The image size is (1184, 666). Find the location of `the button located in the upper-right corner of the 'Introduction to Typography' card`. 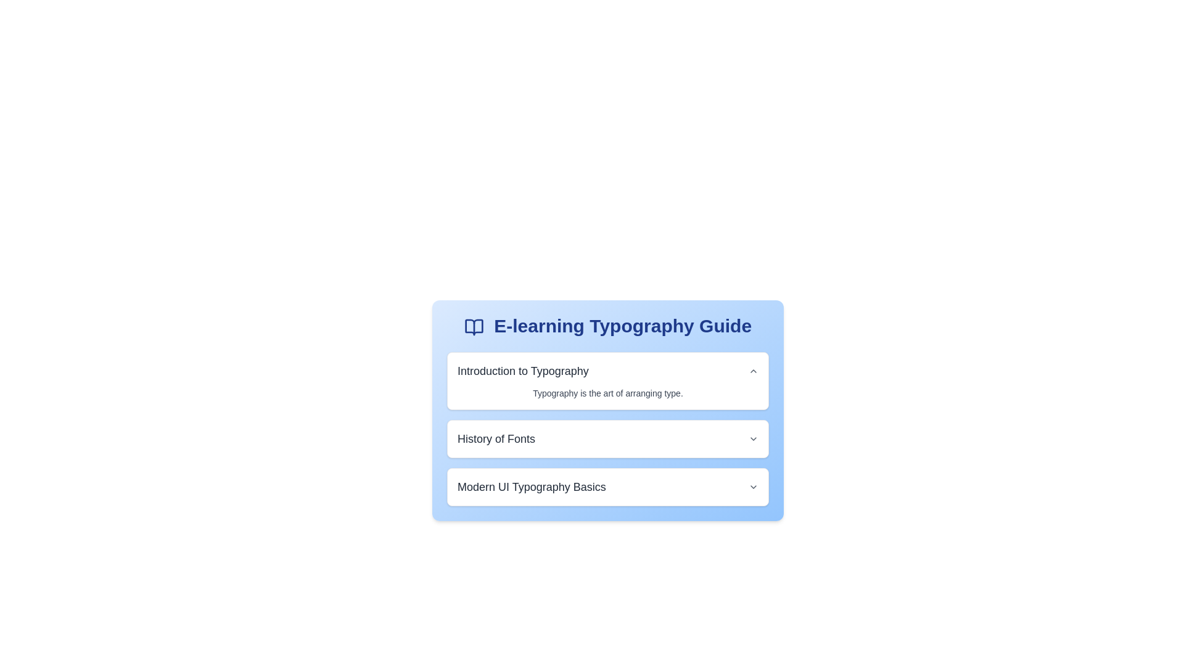

the button located in the upper-right corner of the 'Introduction to Typography' card is located at coordinates (753, 370).